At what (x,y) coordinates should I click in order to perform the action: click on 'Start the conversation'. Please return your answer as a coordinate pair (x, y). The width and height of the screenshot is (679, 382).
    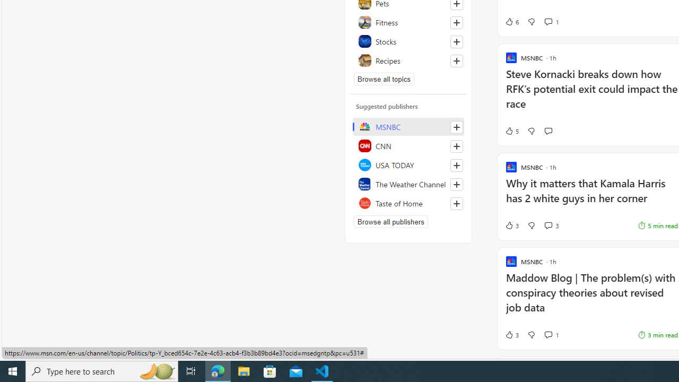
    Looking at the image, I should click on (548, 130).